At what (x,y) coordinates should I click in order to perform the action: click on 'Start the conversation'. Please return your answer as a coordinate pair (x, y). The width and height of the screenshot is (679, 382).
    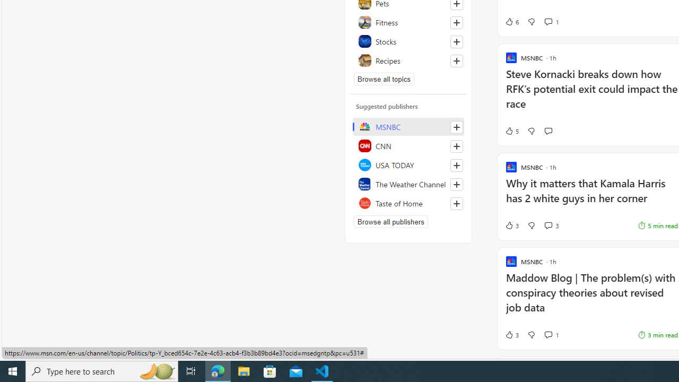
    Looking at the image, I should click on (548, 130).